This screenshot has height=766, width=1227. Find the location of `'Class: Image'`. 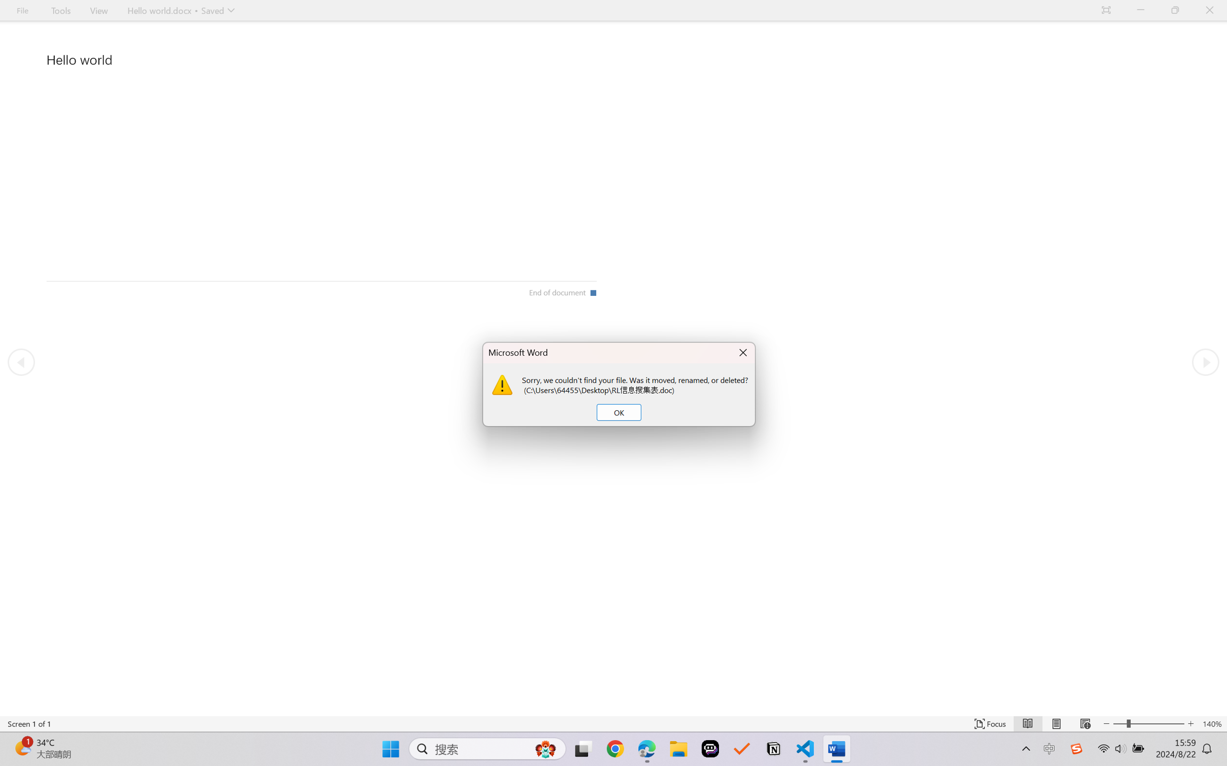

'Class: Image' is located at coordinates (1076, 749).